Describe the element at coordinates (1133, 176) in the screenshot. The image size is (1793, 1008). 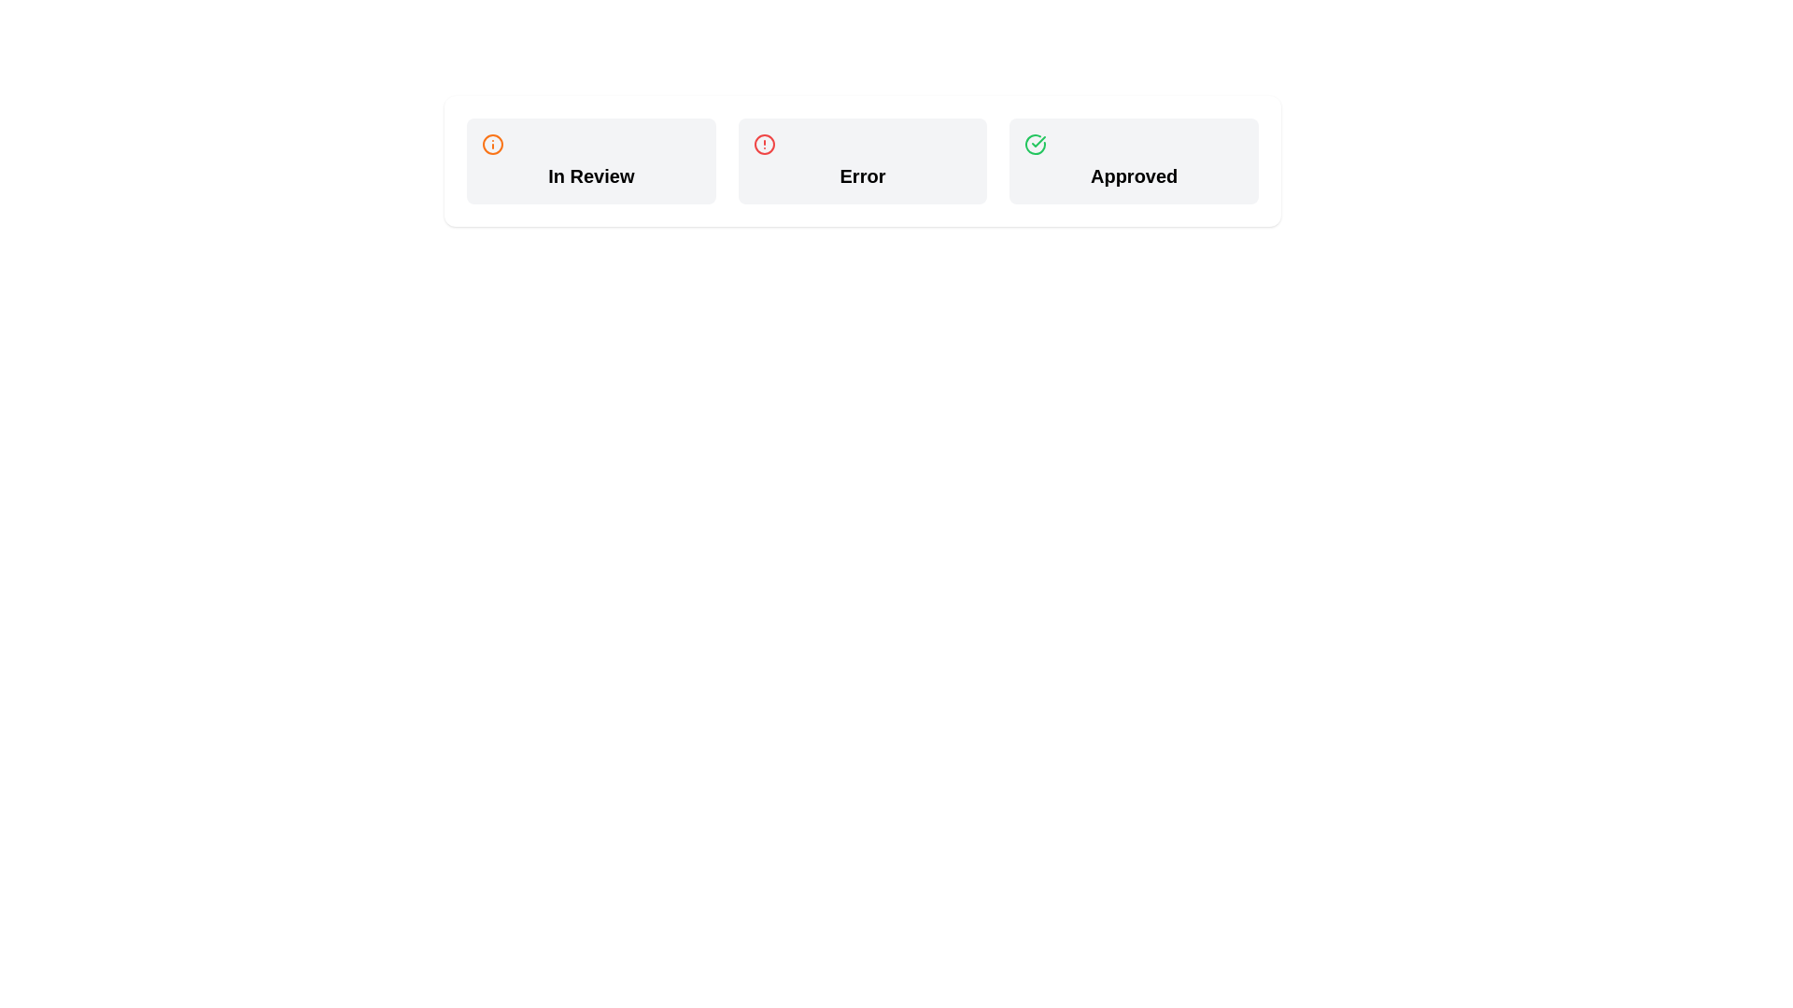
I see `the 'Approved' text label, which is the third button in a three-button layout, displaying the text in bold and larger font` at that location.